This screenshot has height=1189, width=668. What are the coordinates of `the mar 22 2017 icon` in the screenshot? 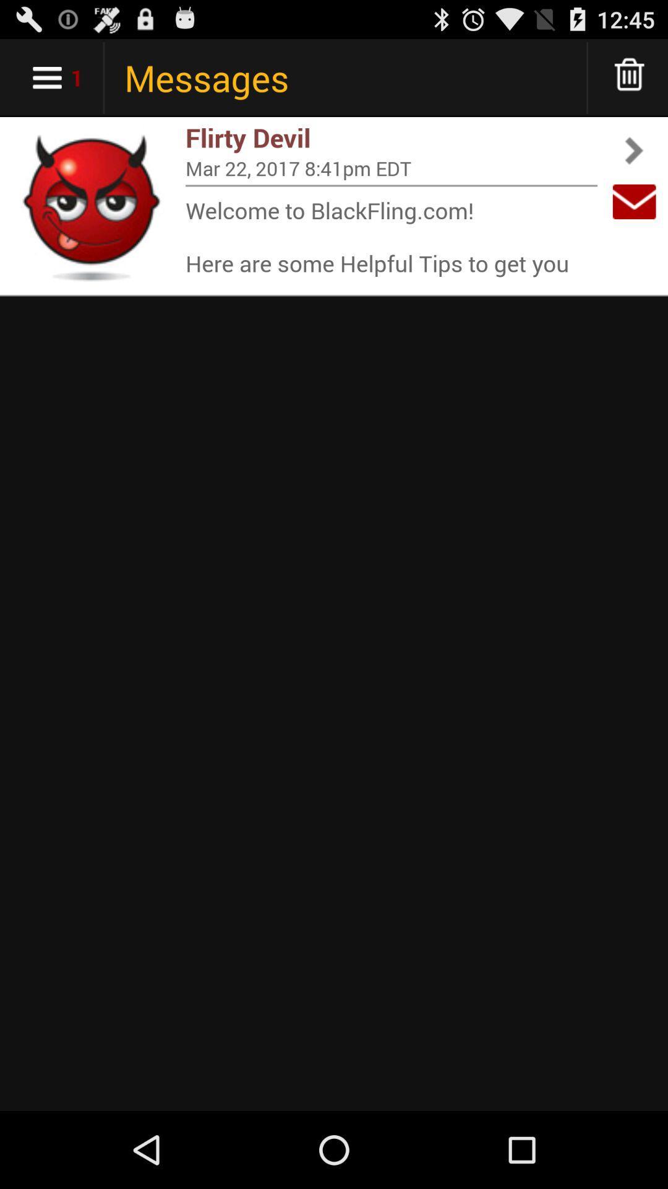 It's located at (391, 167).